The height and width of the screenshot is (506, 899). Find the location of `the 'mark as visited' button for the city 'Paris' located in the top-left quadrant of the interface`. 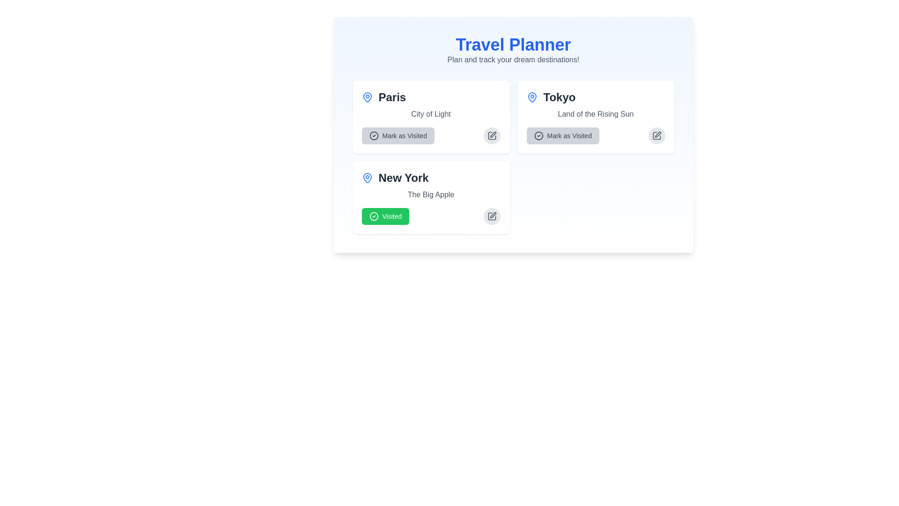

the 'mark as visited' button for the city 'Paris' located in the top-left quadrant of the interface is located at coordinates (398, 135).